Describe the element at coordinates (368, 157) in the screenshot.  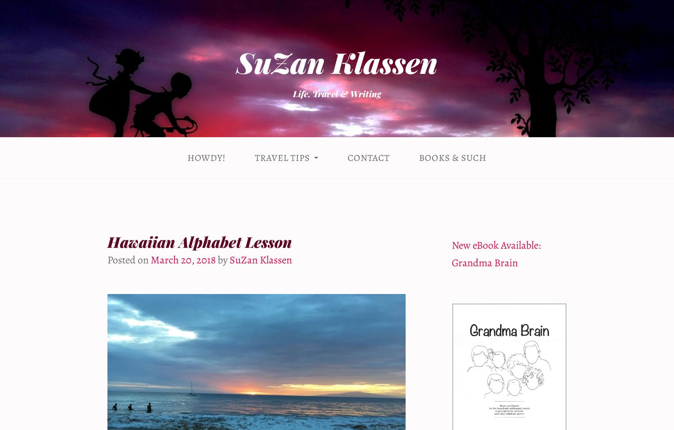
I see `'Contact'` at that location.